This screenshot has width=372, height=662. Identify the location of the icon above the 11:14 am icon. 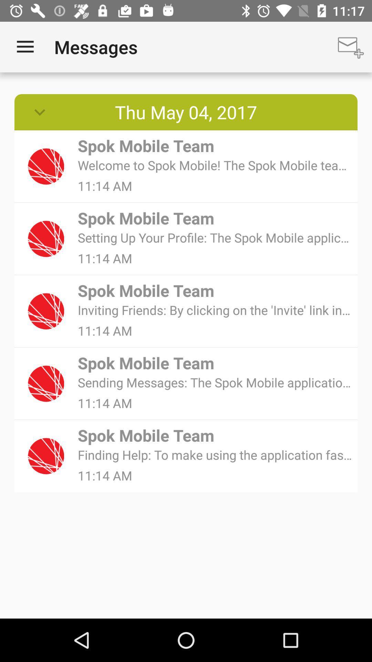
(215, 238).